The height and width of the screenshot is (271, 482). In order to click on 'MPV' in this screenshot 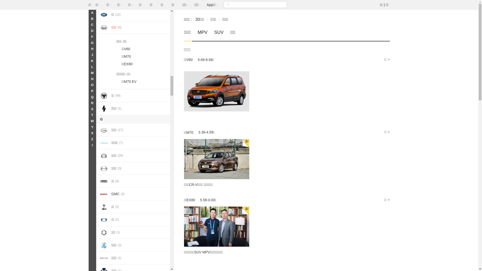, I will do `click(202, 35)`.